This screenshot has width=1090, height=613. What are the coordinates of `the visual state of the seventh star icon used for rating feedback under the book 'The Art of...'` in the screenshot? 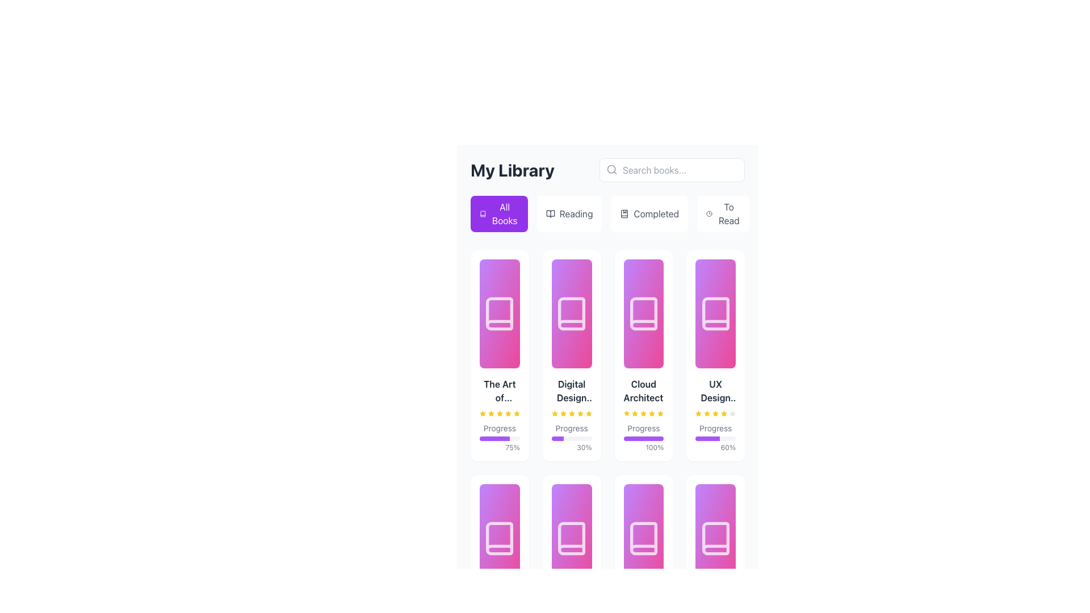 It's located at (508, 414).